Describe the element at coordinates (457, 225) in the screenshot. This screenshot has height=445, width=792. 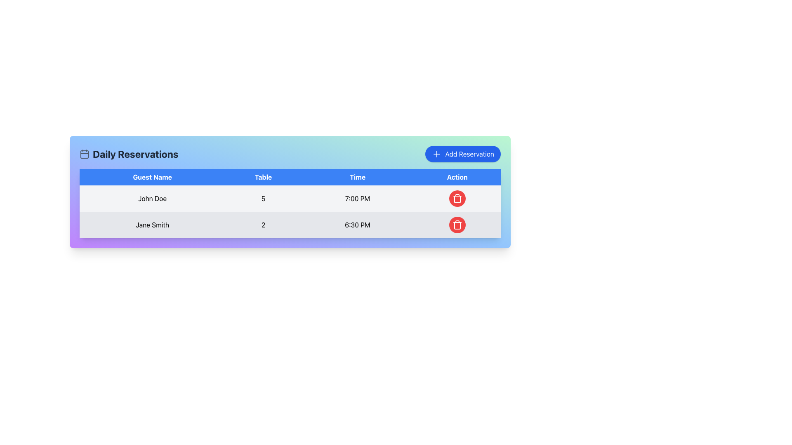
I see `the delete button located in the 'Action' column of the second row, adjacent to the '6:30 PM' timestamp` at that location.